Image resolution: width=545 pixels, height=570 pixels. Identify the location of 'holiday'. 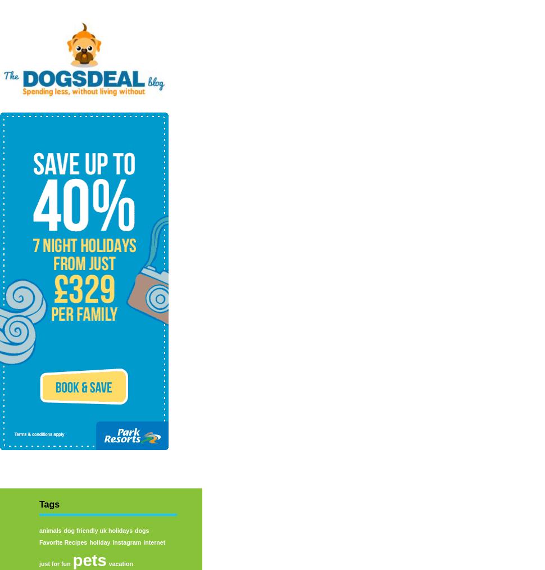
(99, 541).